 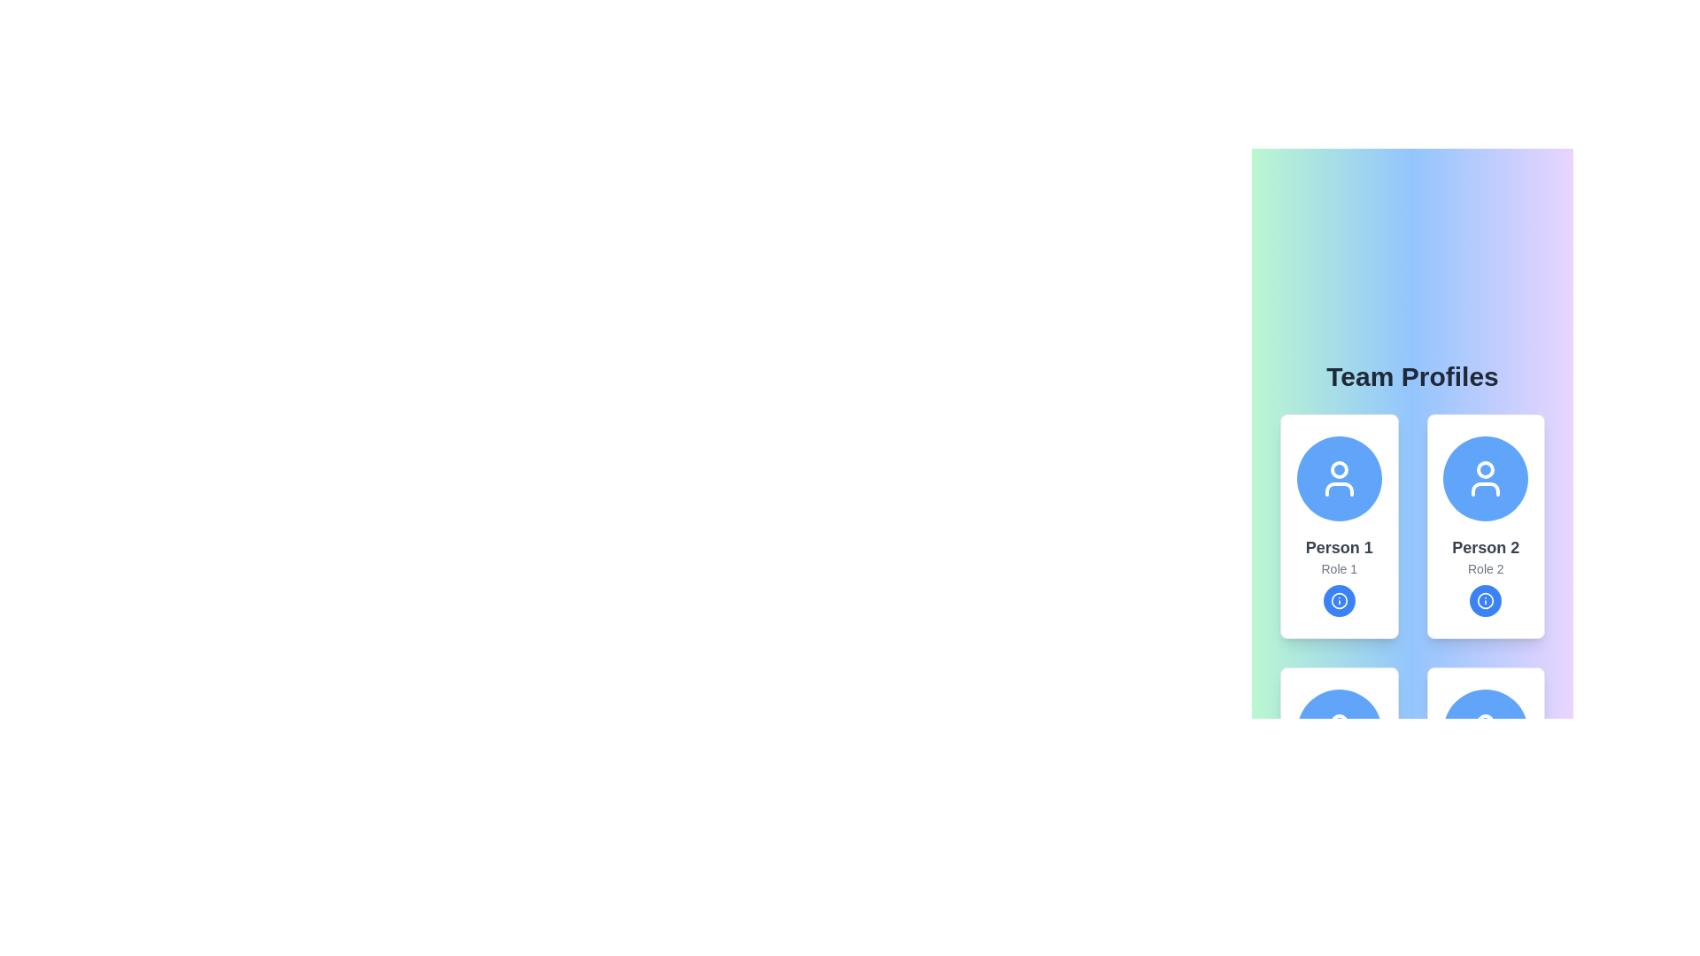 What do you see at coordinates (1339, 478) in the screenshot?
I see `the profile icon representing 'Person 1 Role 1', located at the top-center of the card, which is the first item in the grid layout` at bounding box center [1339, 478].